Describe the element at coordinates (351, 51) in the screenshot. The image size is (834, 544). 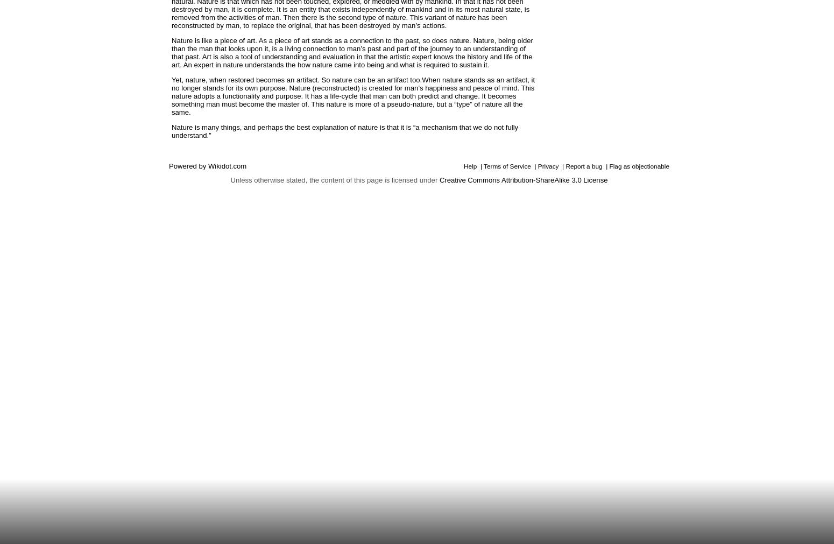
I see `'Nature is like a piece of art. As a piece of art stands as a connection to the past, so does nature. Nature, being older than the man that looks upon it, is a living connection to man’s past and part of the journey to an understanding of that past. Art is also a tool of understanding and evaluation in that the artistic expert knows the history and life of the art. An expert in nature understands the how nature came into being and what is required to sustain it.'` at that location.